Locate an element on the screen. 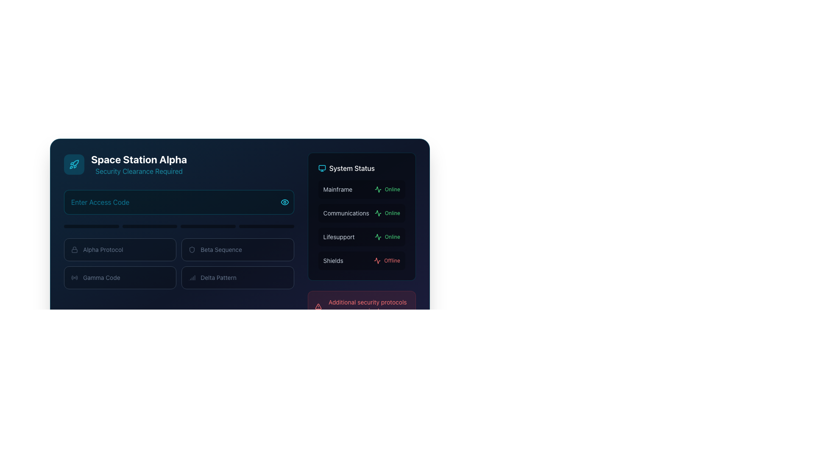 The width and height of the screenshot is (814, 458). the fourth button labeled 'Delta Pattern' located in the lower-left region of the button group is located at coordinates (237, 278).